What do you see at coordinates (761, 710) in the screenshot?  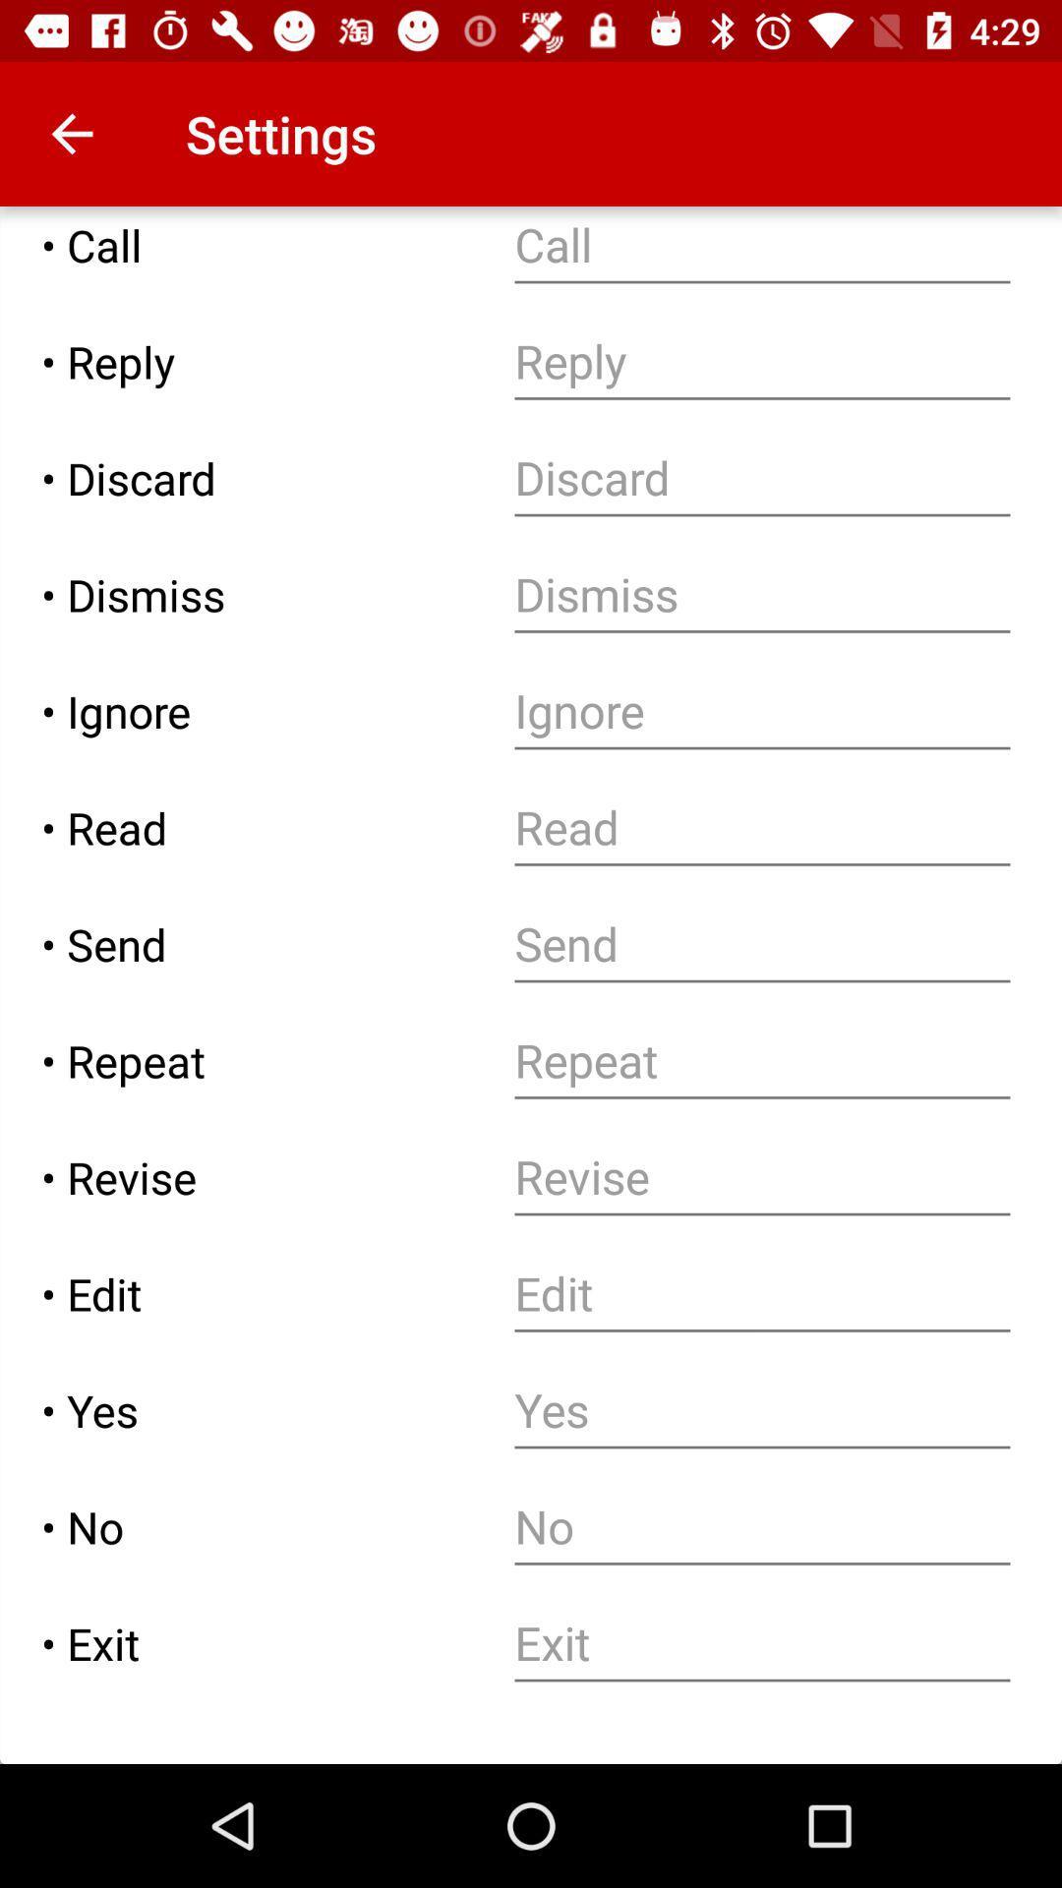 I see `ignore the person or item` at bounding box center [761, 710].